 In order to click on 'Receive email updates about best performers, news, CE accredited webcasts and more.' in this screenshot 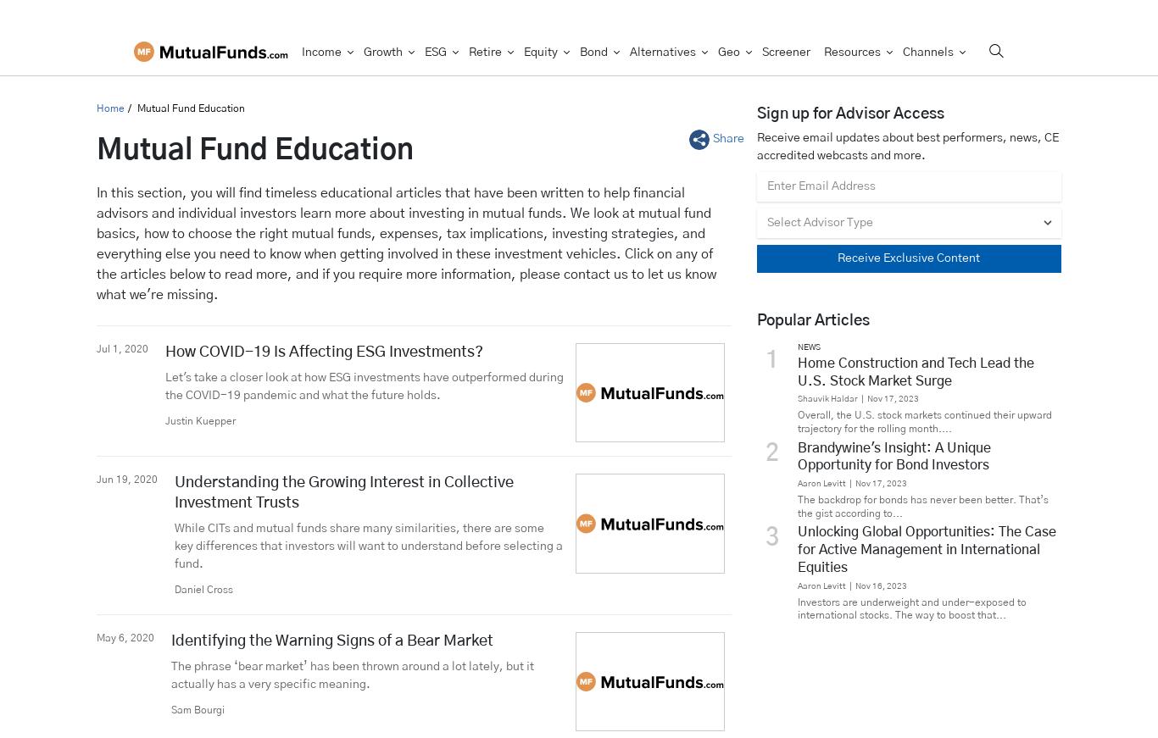, I will do `click(754, 146)`.